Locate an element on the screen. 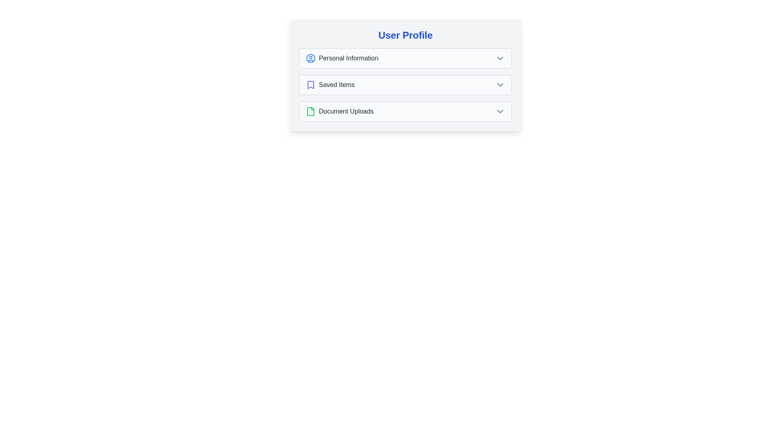  on the 'Document Uploads' menu item, which is the third item in the vertical list under the 'User Profile' section, represented by a file icon and a dark grey label is located at coordinates (340, 112).